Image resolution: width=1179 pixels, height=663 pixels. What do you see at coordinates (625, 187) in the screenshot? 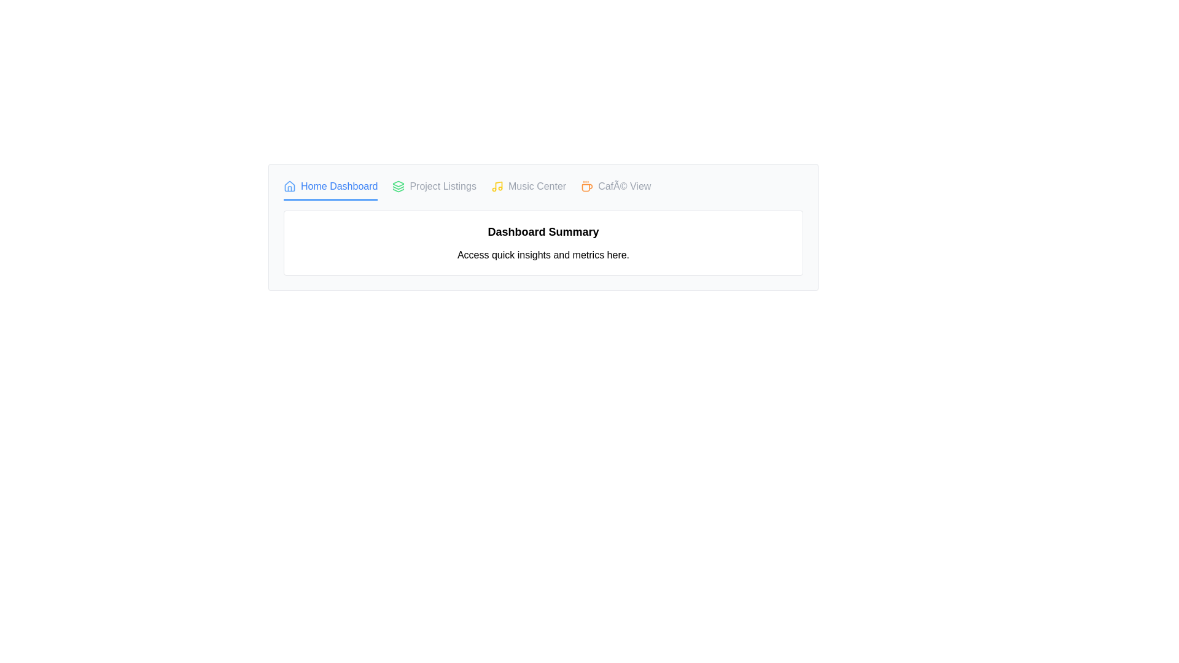
I see `the text label 'Café View' in the upper navigational menu, styled with a sans-serif font and light gray color` at bounding box center [625, 187].